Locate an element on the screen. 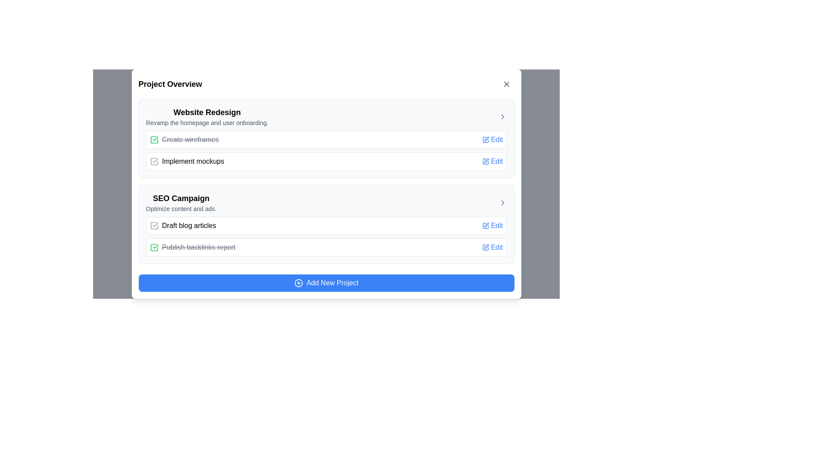  the edit button located in the top-right corner of the task row for 'Create wireframes' in the 'Website Redesign' section is located at coordinates (492, 139).